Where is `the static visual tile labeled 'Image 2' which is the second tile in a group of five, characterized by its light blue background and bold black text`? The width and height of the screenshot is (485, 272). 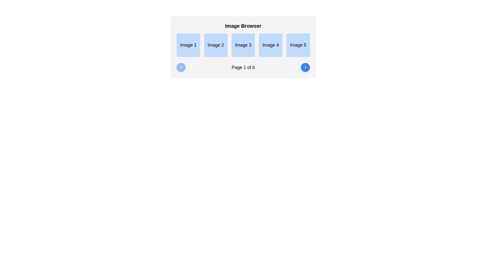
the static visual tile labeled 'Image 2' which is the second tile in a group of five, characterized by its light blue background and bold black text is located at coordinates (216, 45).